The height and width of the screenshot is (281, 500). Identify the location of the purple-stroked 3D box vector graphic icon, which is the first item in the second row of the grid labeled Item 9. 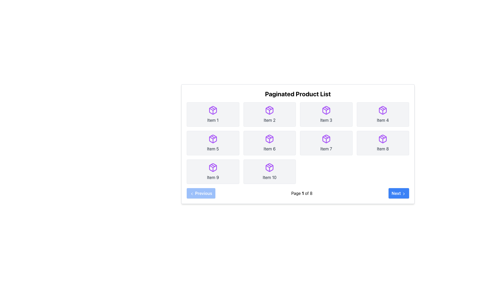
(213, 168).